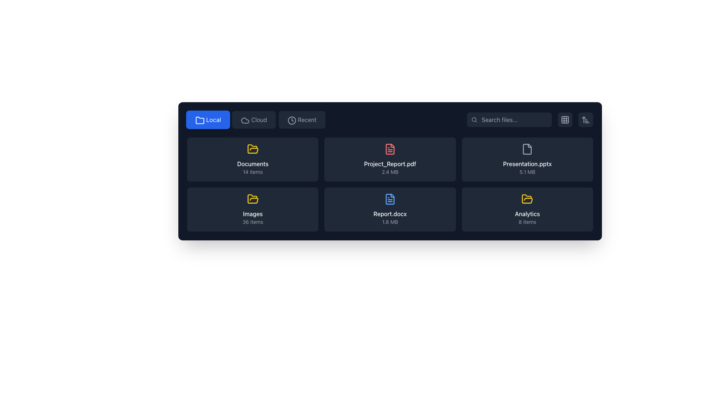 This screenshot has width=706, height=397. Describe the element at coordinates (389, 172) in the screenshot. I see `the text display element showing '2.4 MB', positioned below 'Project_Report.pdf' in the central grid of the interface` at that location.